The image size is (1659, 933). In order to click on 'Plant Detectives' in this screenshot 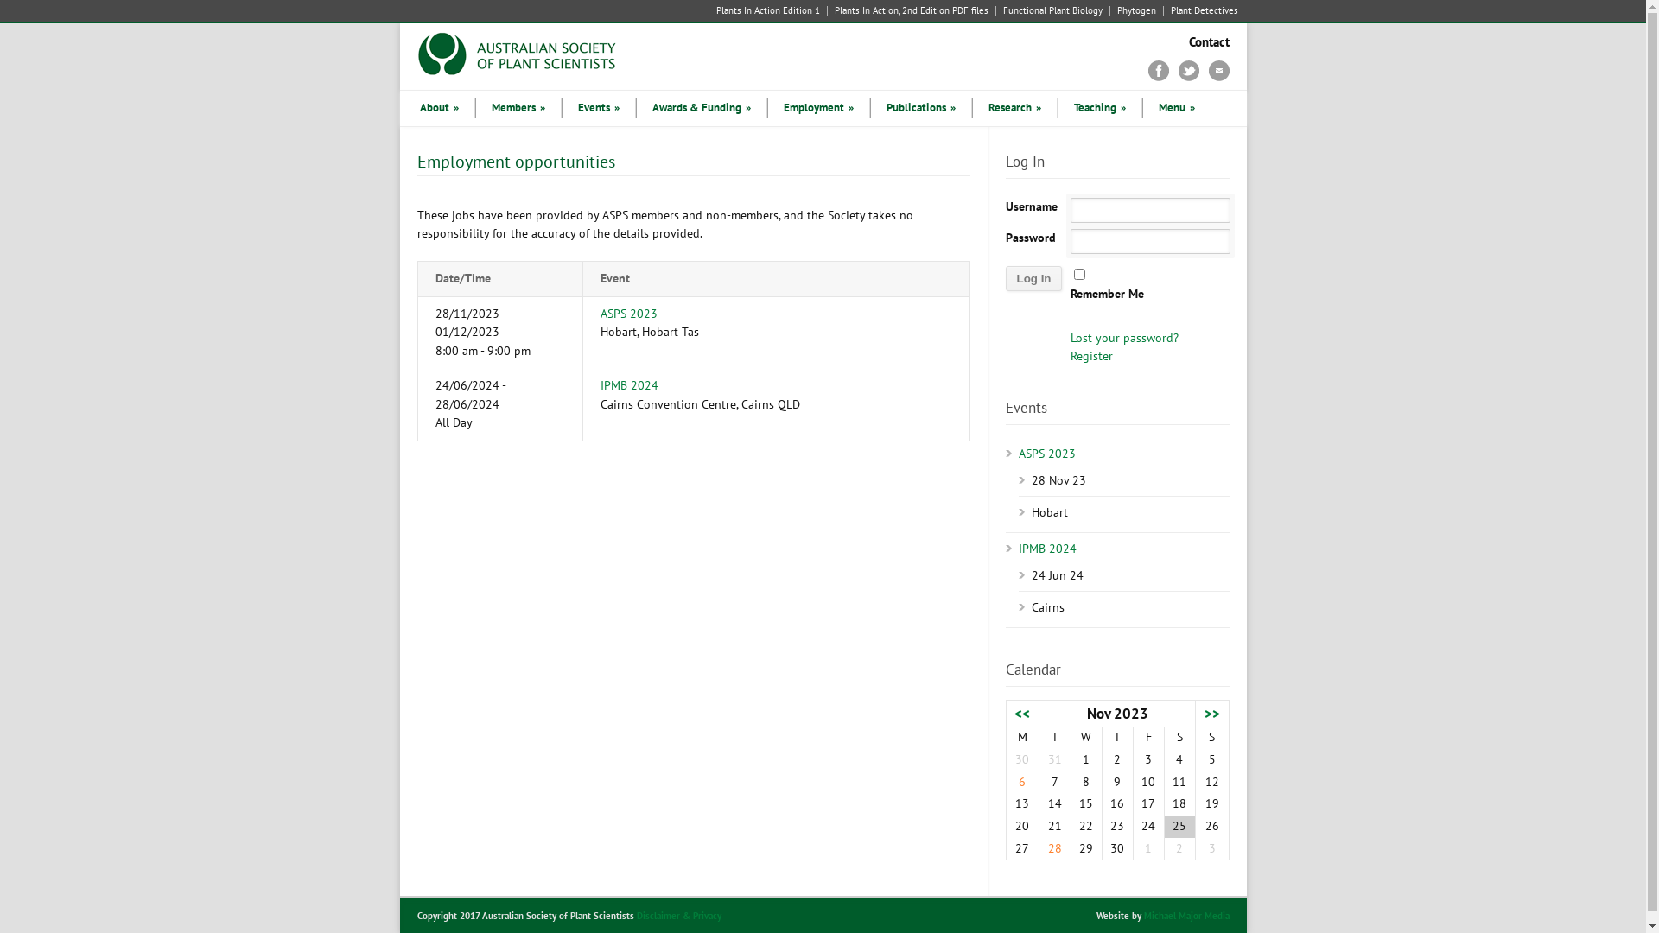, I will do `click(1198, 10)`.